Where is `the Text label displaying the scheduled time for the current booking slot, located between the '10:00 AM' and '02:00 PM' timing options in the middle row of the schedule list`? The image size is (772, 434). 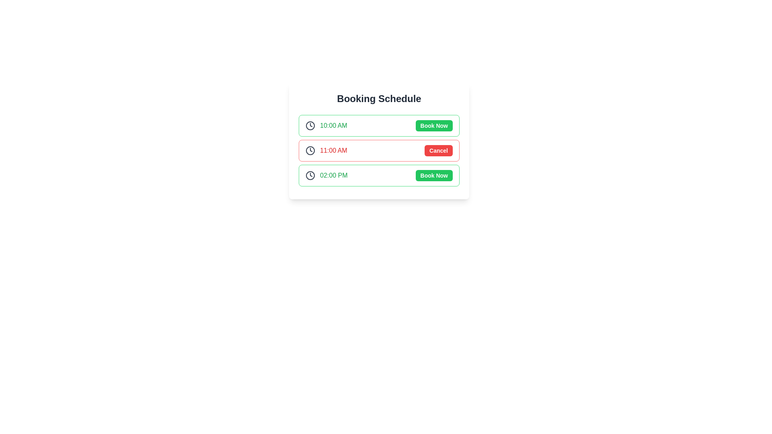 the Text label displaying the scheduled time for the current booking slot, located between the '10:00 AM' and '02:00 PM' timing options in the middle row of the schedule list is located at coordinates (333, 150).